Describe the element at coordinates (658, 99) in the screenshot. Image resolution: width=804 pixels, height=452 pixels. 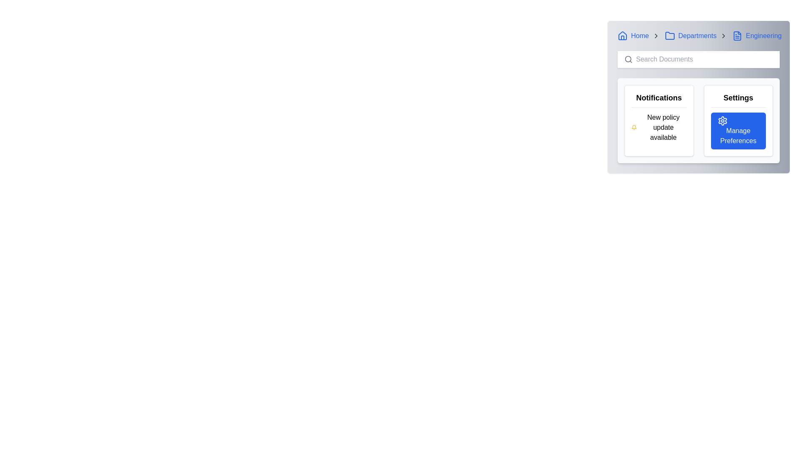
I see `the Text header that indicates the purpose of the notifications section, which is located above the 'New policy update available' text` at that location.